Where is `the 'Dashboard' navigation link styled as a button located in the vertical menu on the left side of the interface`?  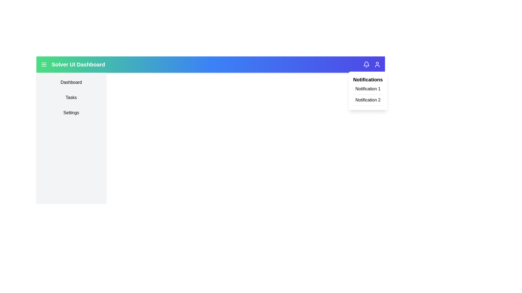
the 'Dashboard' navigation link styled as a button located in the vertical menu on the left side of the interface is located at coordinates (71, 82).